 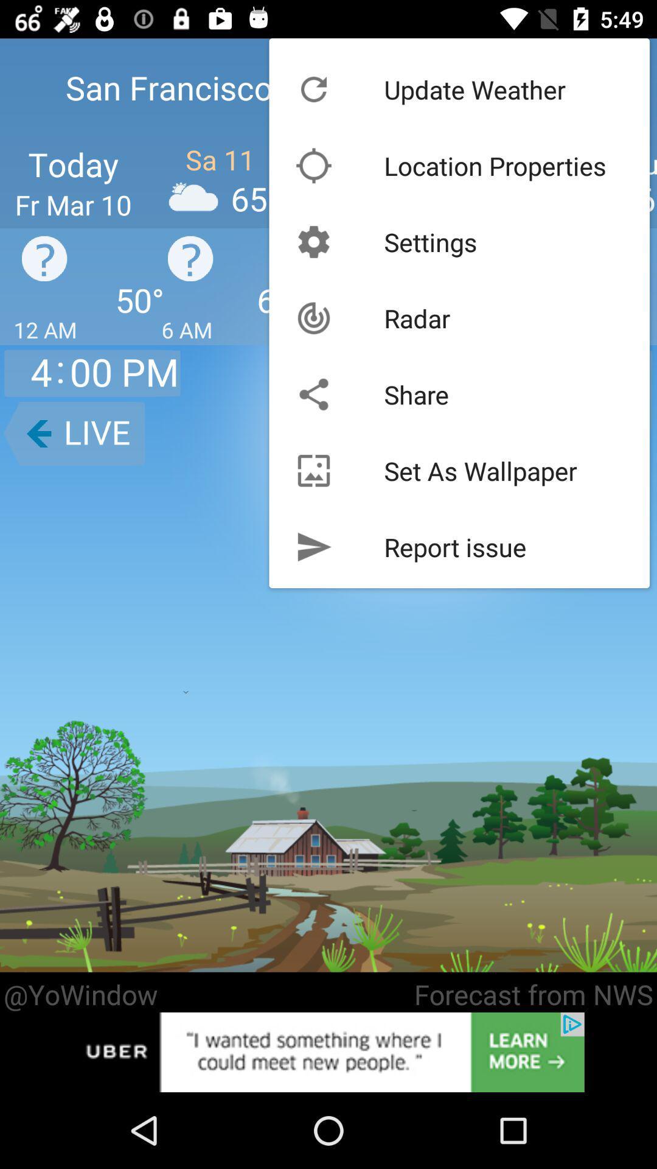 I want to click on the update weather icon, so click(x=474, y=89).